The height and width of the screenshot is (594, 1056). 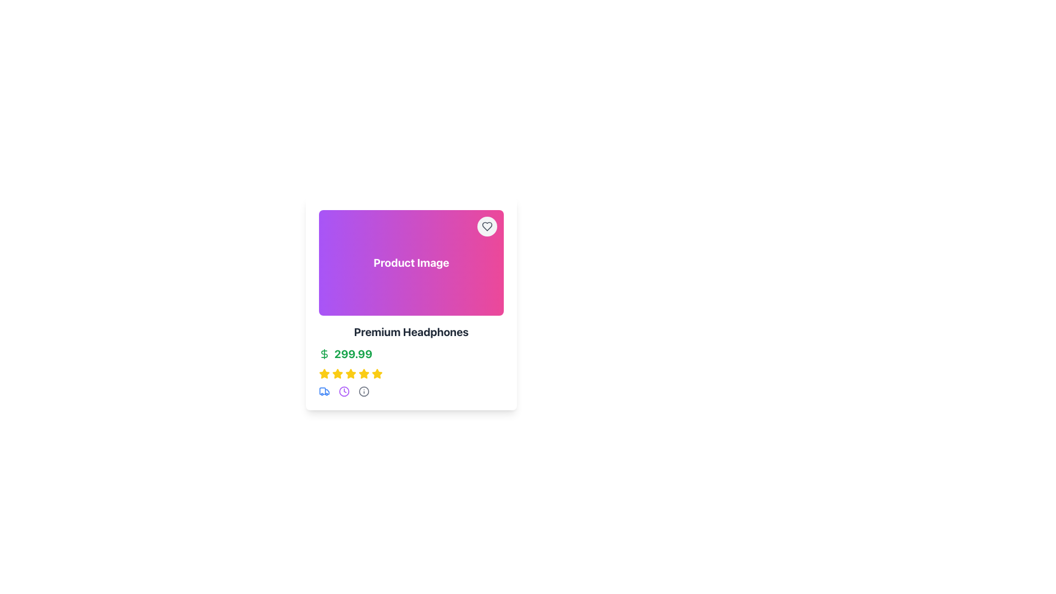 I want to click on the rectangular box with a gradient background that contains the bold white text 'Product Image' and the circular heart icon at the top-right corner, so click(x=411, y=263).